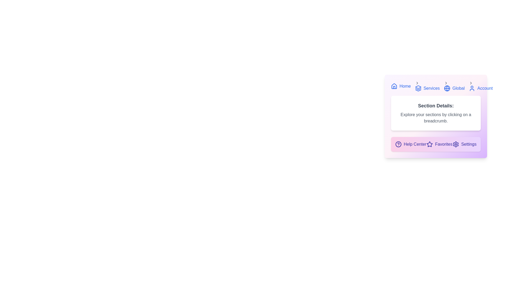  I want to click on the 'Global' text label in the breadcrumb navigation, so click(458, 88).